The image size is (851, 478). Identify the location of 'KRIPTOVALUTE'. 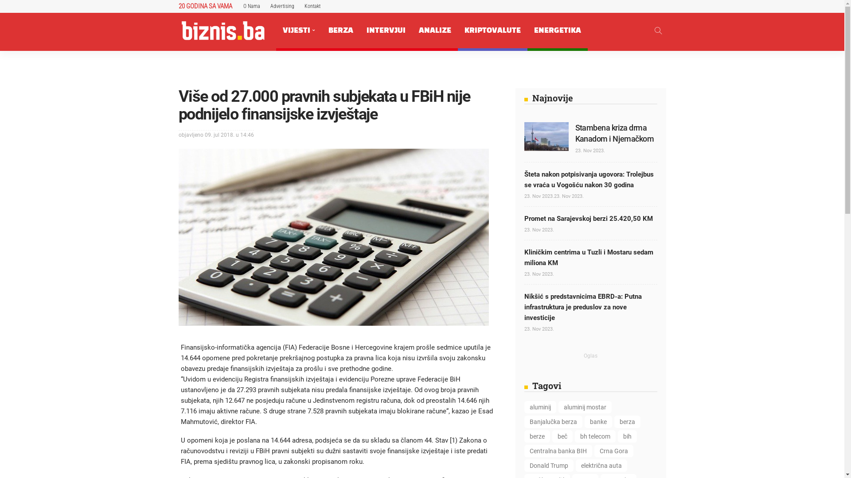
(492, 30).